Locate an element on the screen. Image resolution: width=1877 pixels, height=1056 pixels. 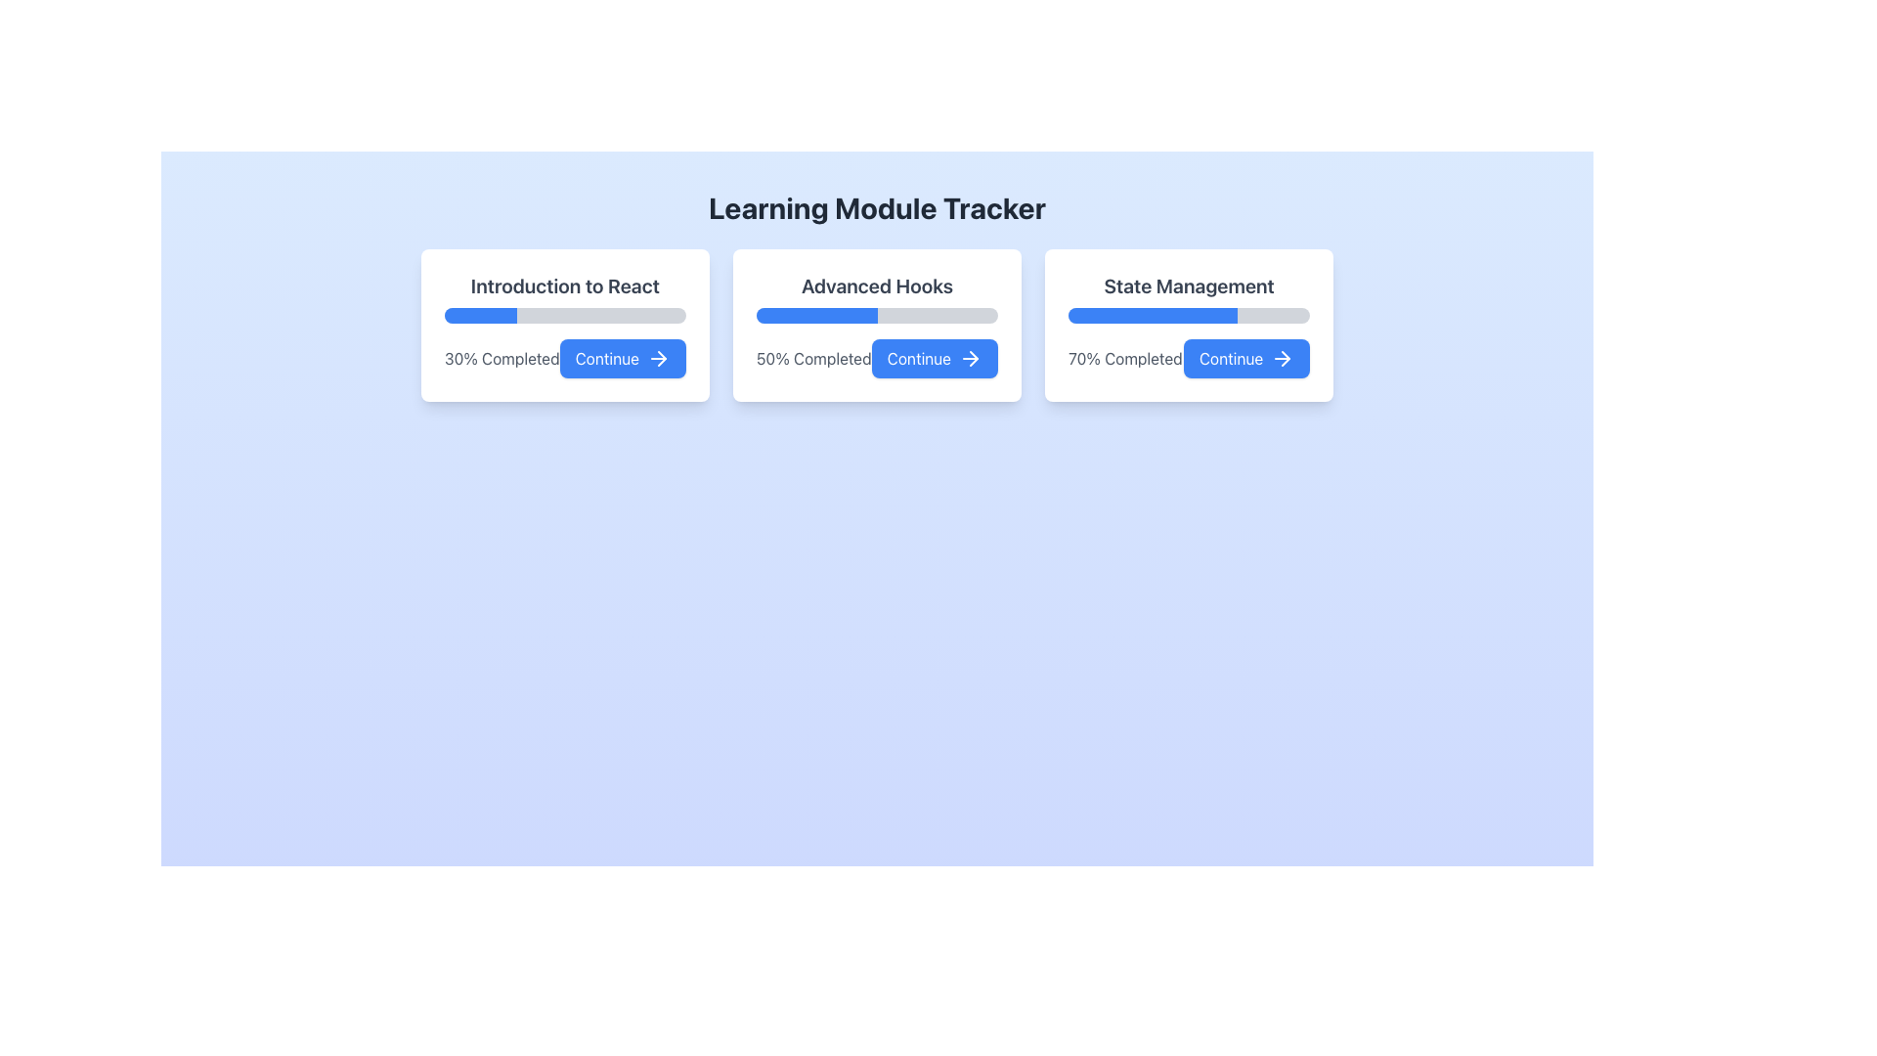
the blue 'Continue' button with white text and a rightward-pointing arrow icon within the 'Introduction to React' card to proceed is located at coordinates (622, 358).